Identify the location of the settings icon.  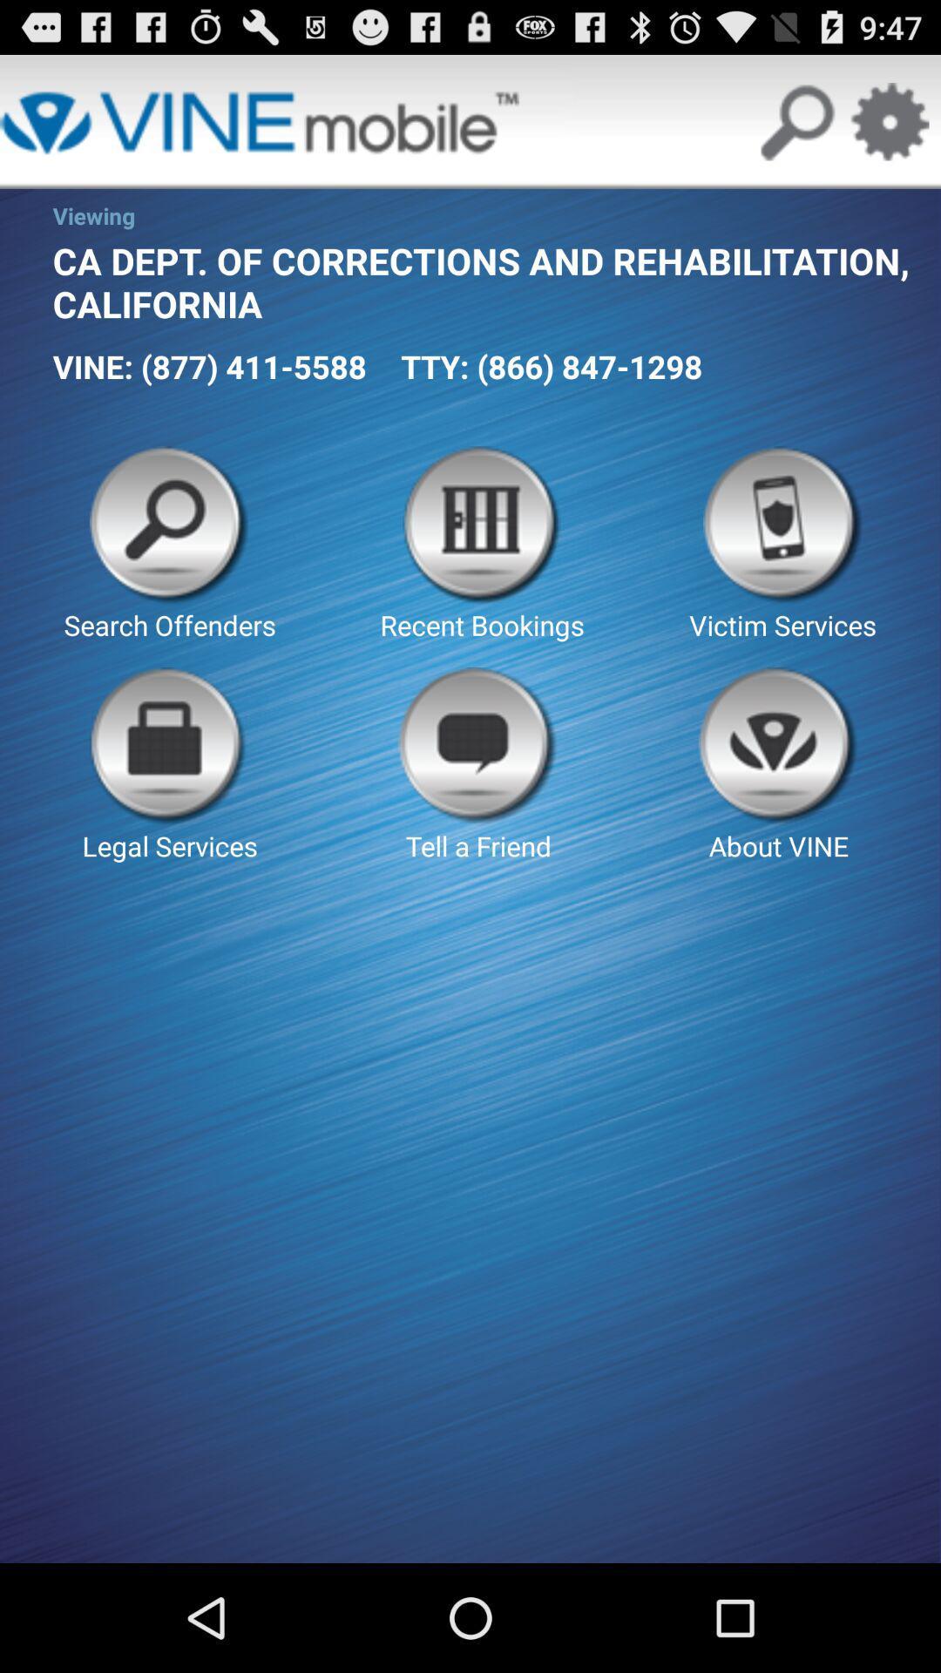
(889, 129).